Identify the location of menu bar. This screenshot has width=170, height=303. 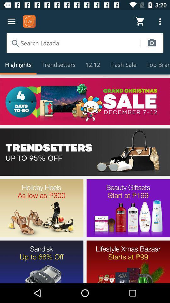
(11, 21).